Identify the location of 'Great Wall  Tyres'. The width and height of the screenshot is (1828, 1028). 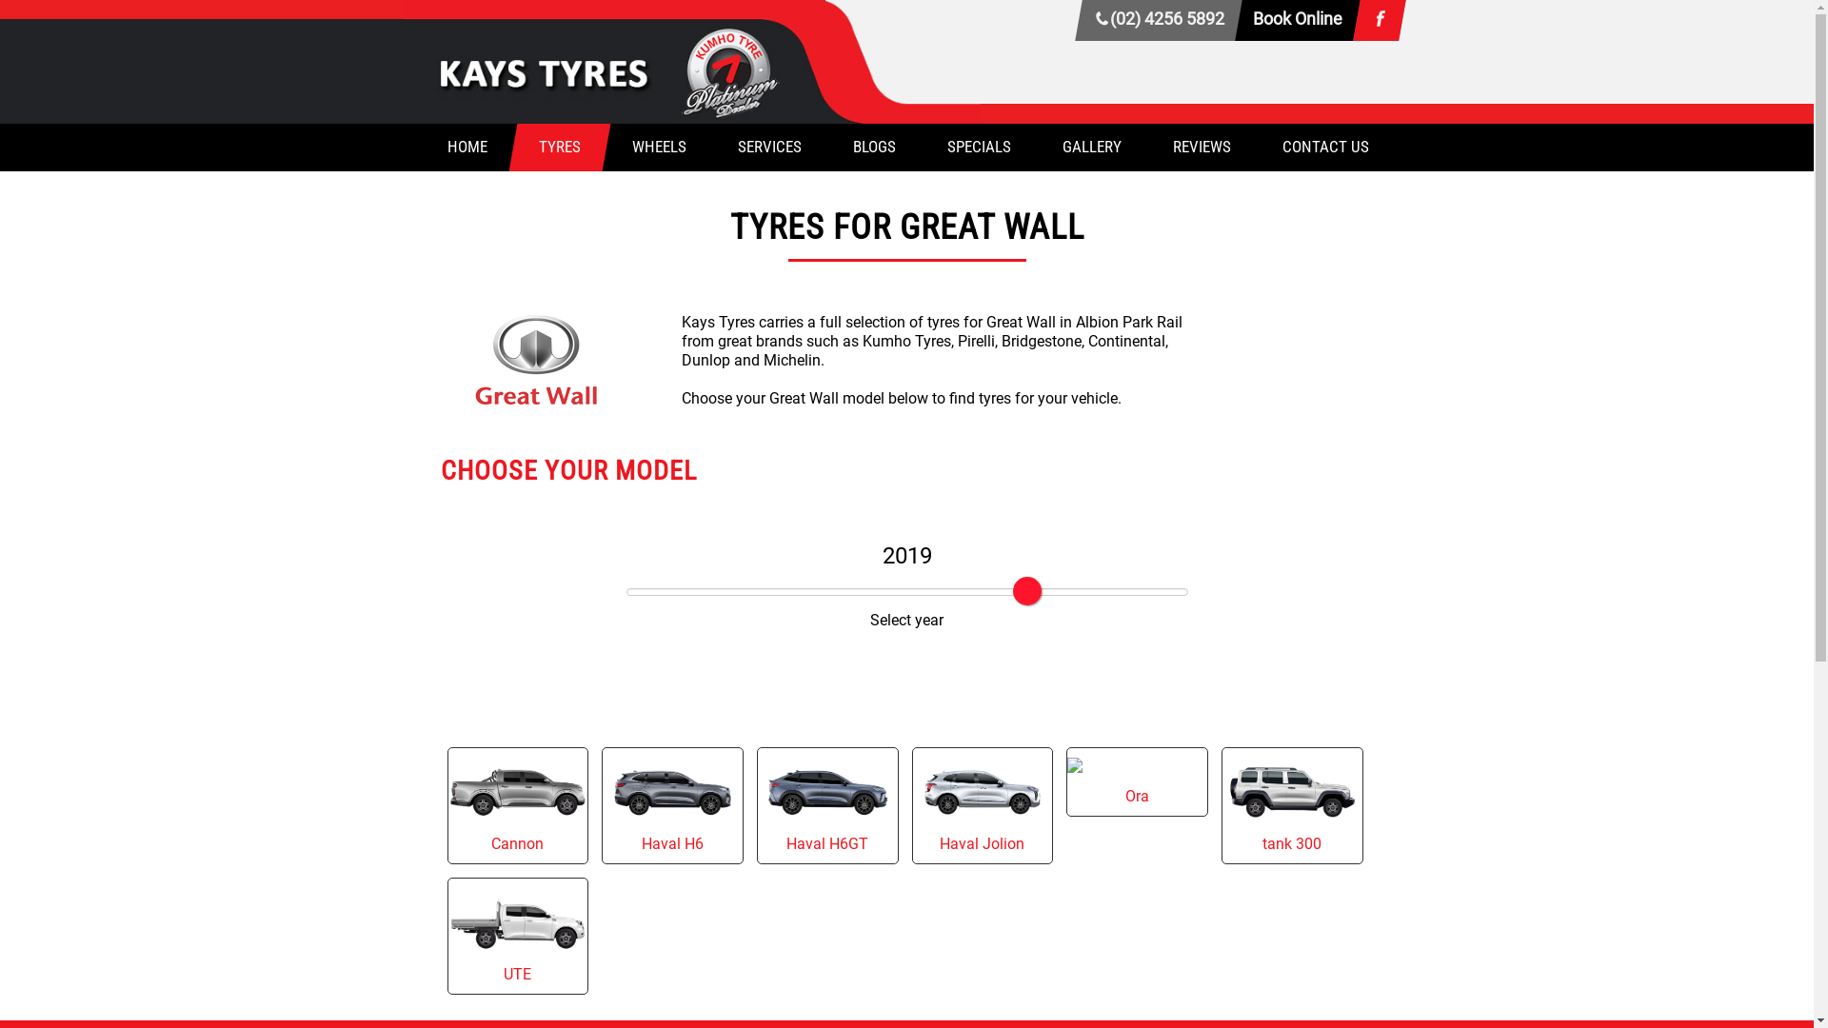
(533, 360).